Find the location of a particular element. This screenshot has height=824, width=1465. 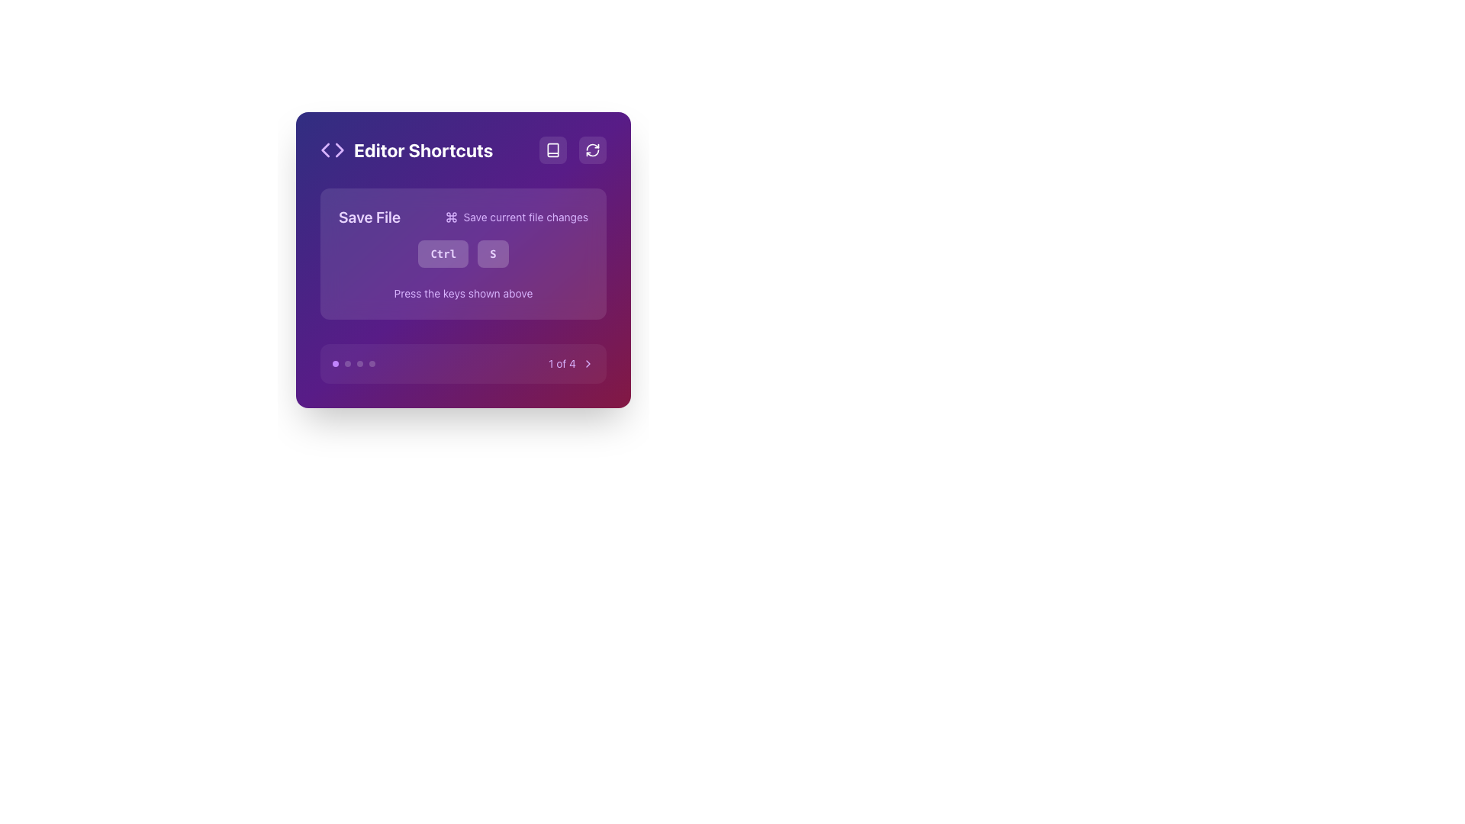

the text label that describes the keyboard shortcut in the 'Editor Shortcuts' interface, located immediately after the command key icon is located at coordinates (526, 217).